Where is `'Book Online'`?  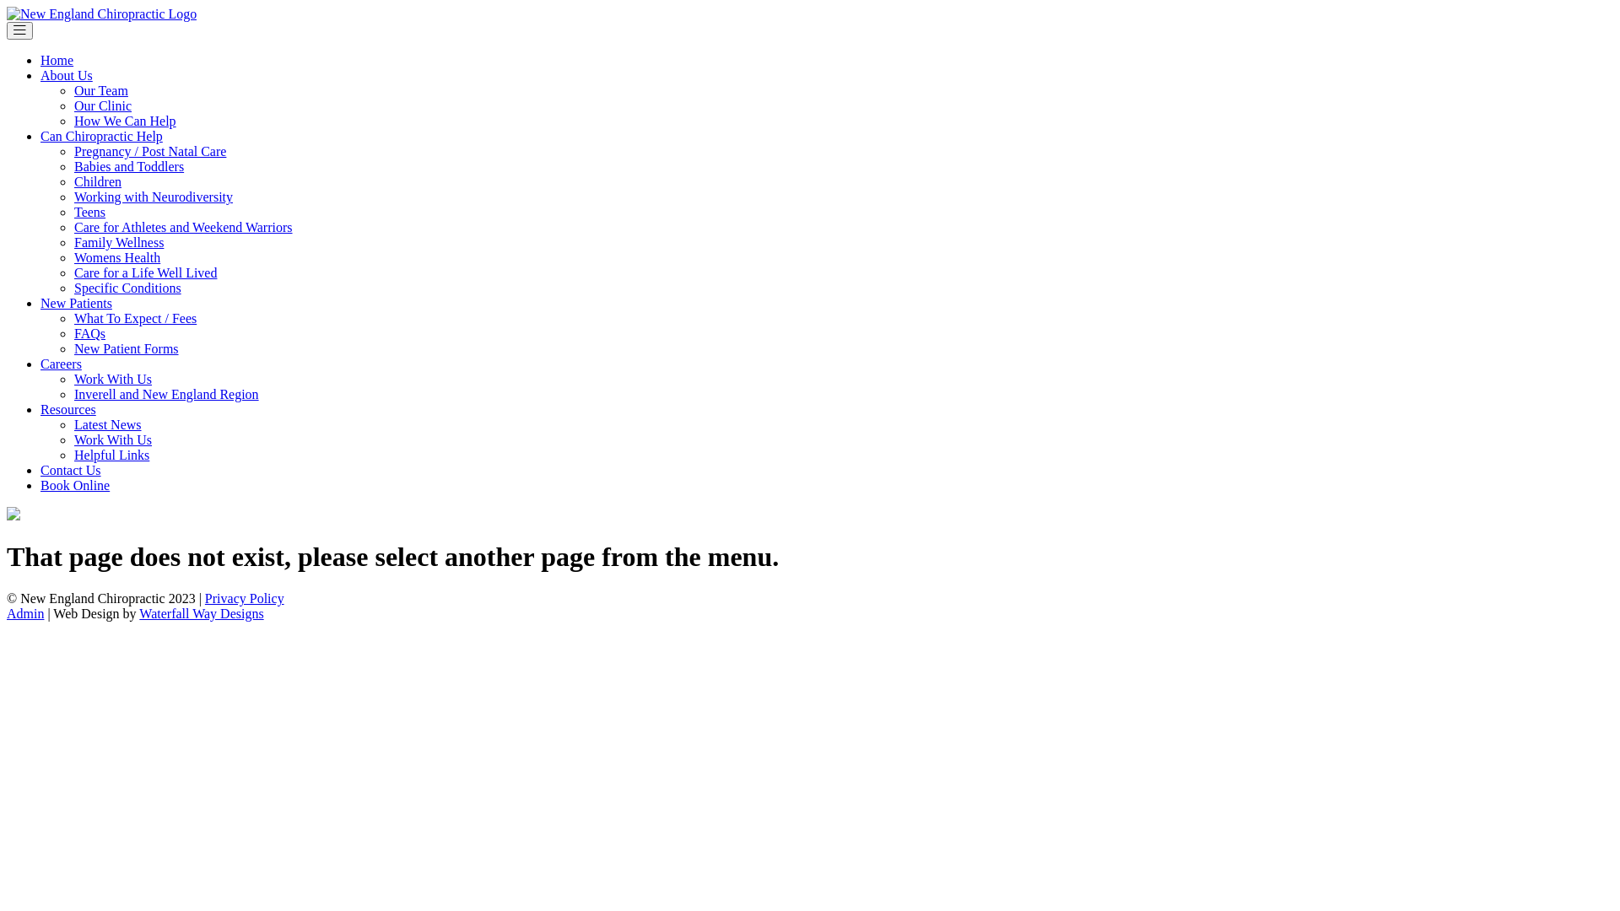
'Book Online' is located at coordinates (74, 485).